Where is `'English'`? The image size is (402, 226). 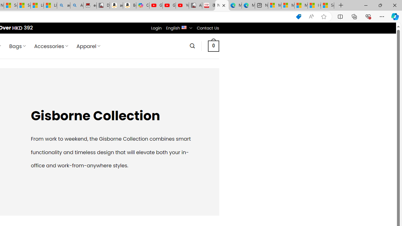 'English' is located at coordinates (184, 27).